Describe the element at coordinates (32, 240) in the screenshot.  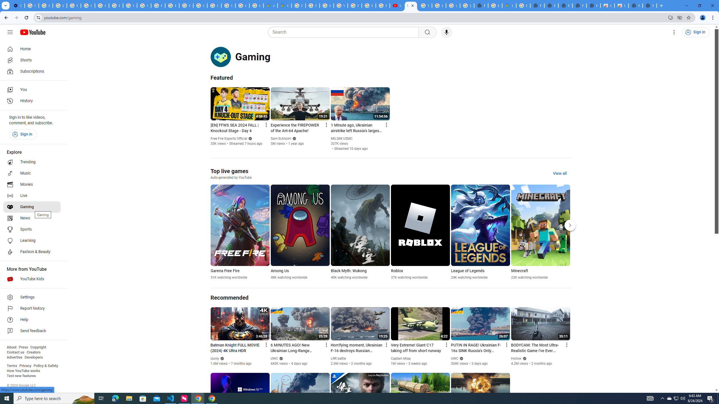
I see `'Learning'` at that location.